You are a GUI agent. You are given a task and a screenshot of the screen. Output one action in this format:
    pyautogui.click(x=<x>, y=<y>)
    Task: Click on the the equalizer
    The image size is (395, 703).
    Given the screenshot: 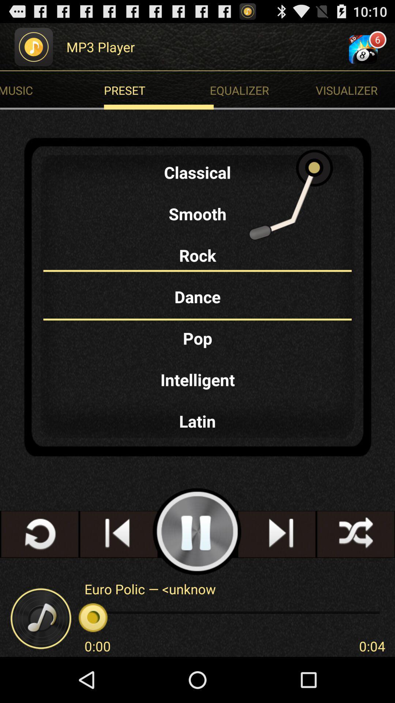 What is the action you would take?
    pyautogui.click(x=264, y=90)
    